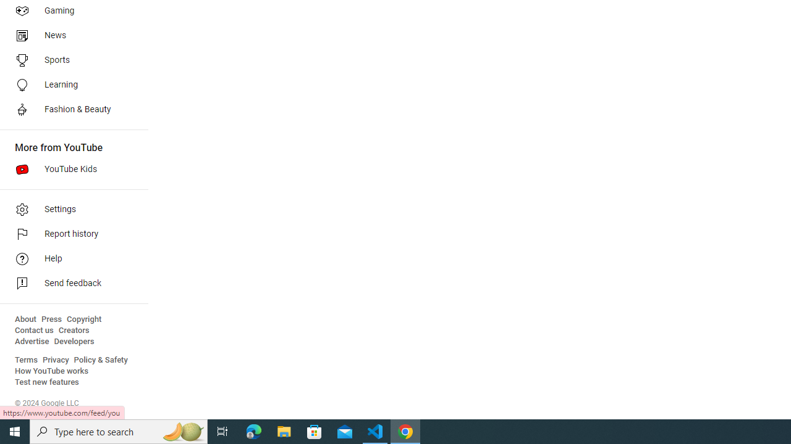  Describe the element at coordinates (69, 35) in the screenshot. I see `'News'` at that location.